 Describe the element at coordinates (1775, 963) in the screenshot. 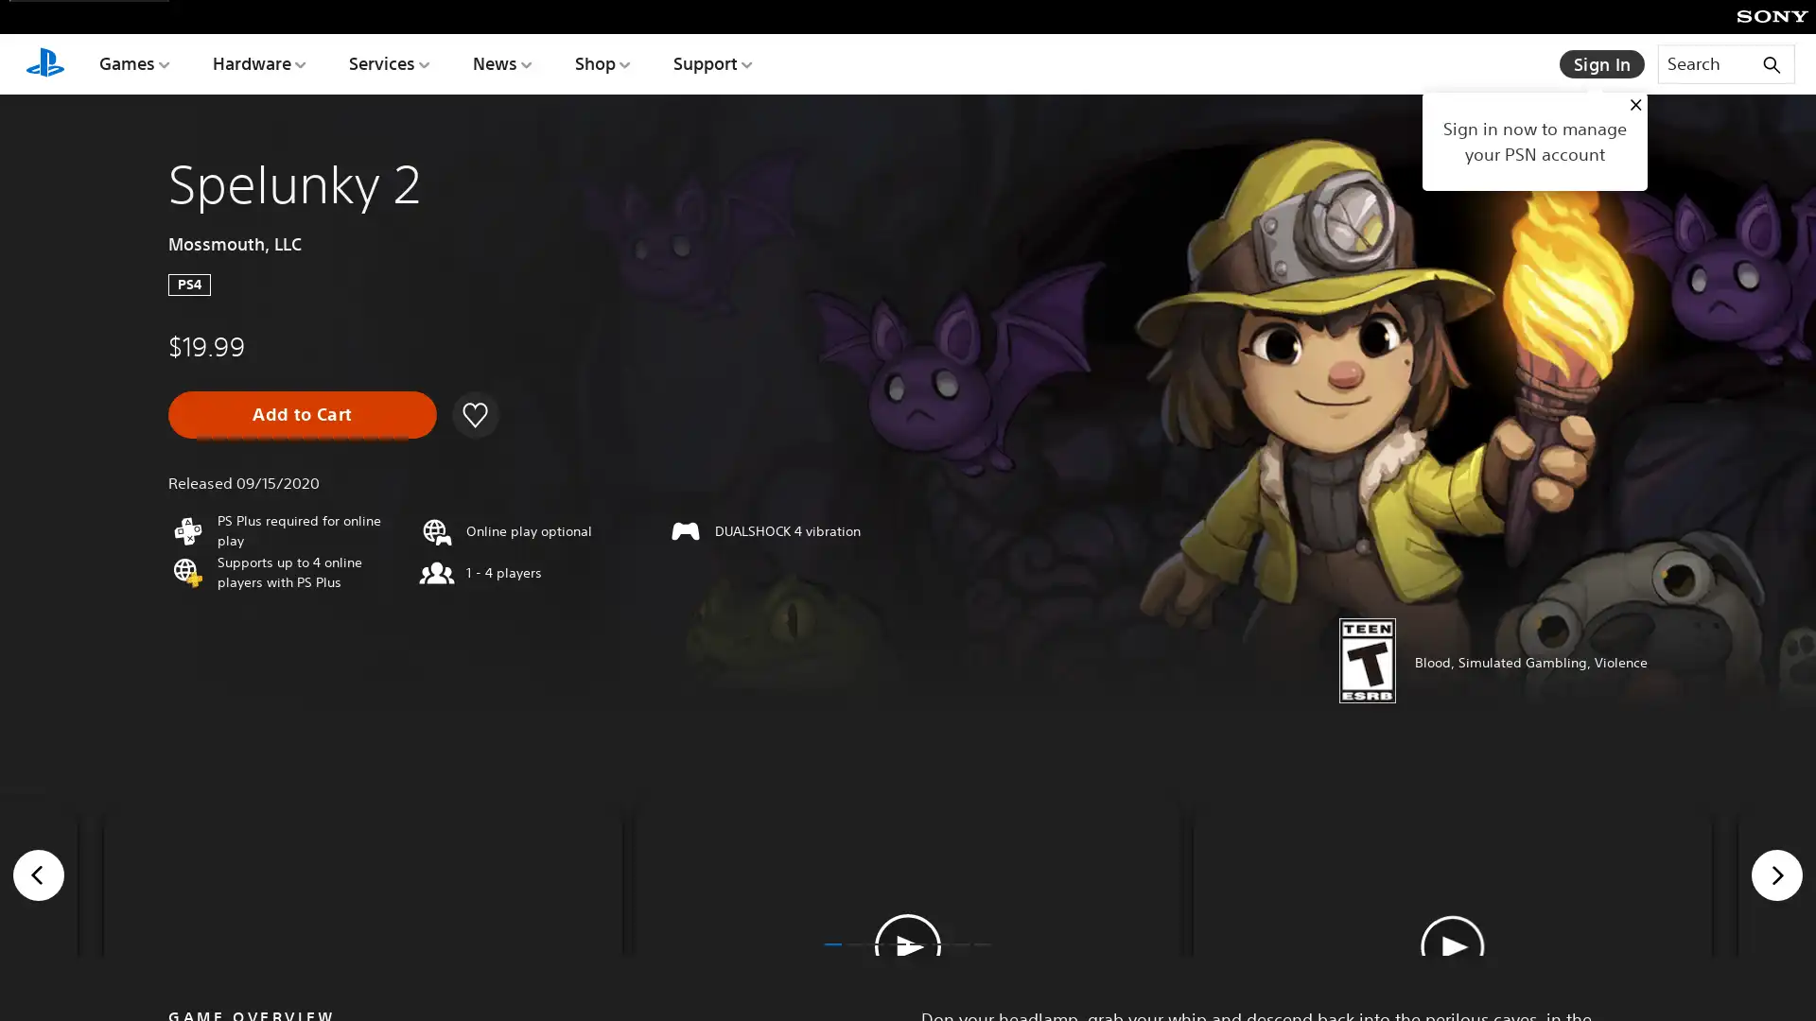

I see `Next` at that location.